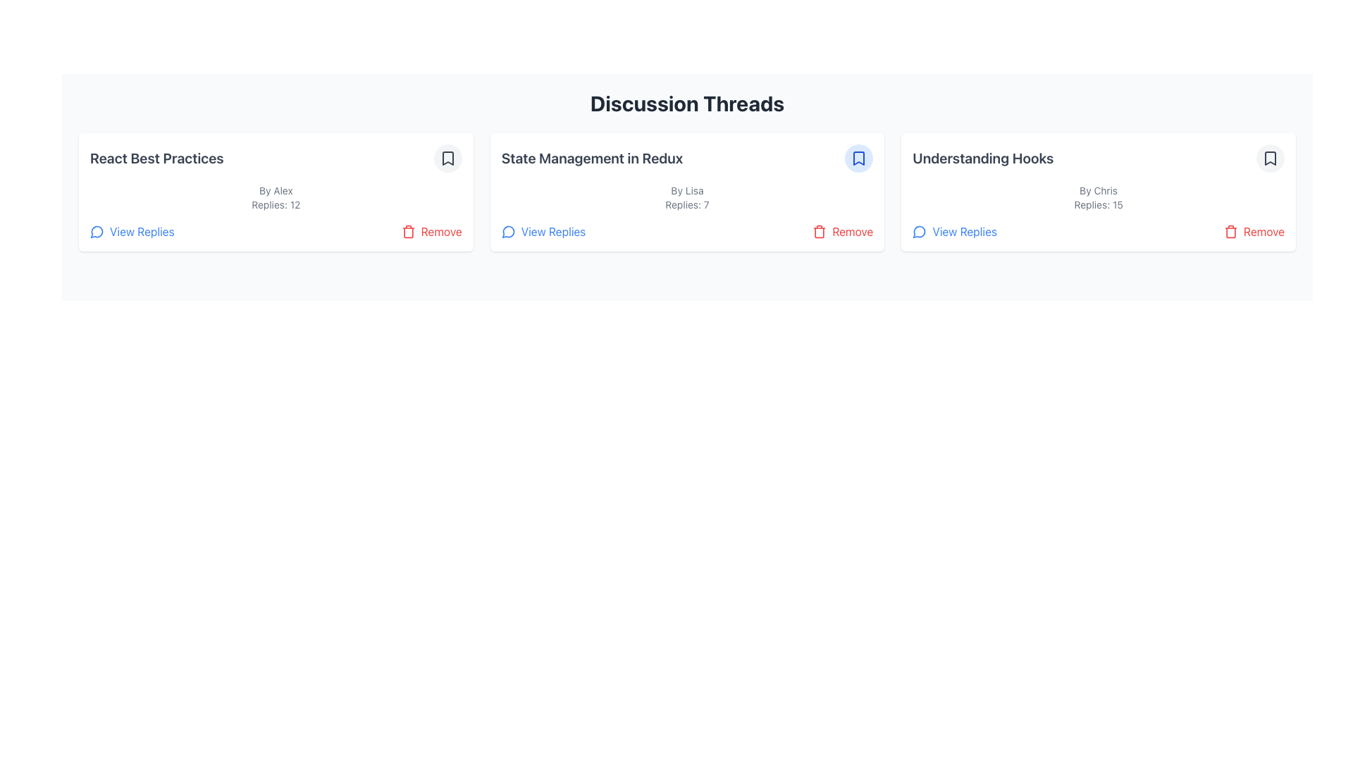  I want to click on the bookmarked button located in the top-right corner of the card titled 'State Management in Redux' to bookmark or unbookmark the discussion thread, so click(858, 158).